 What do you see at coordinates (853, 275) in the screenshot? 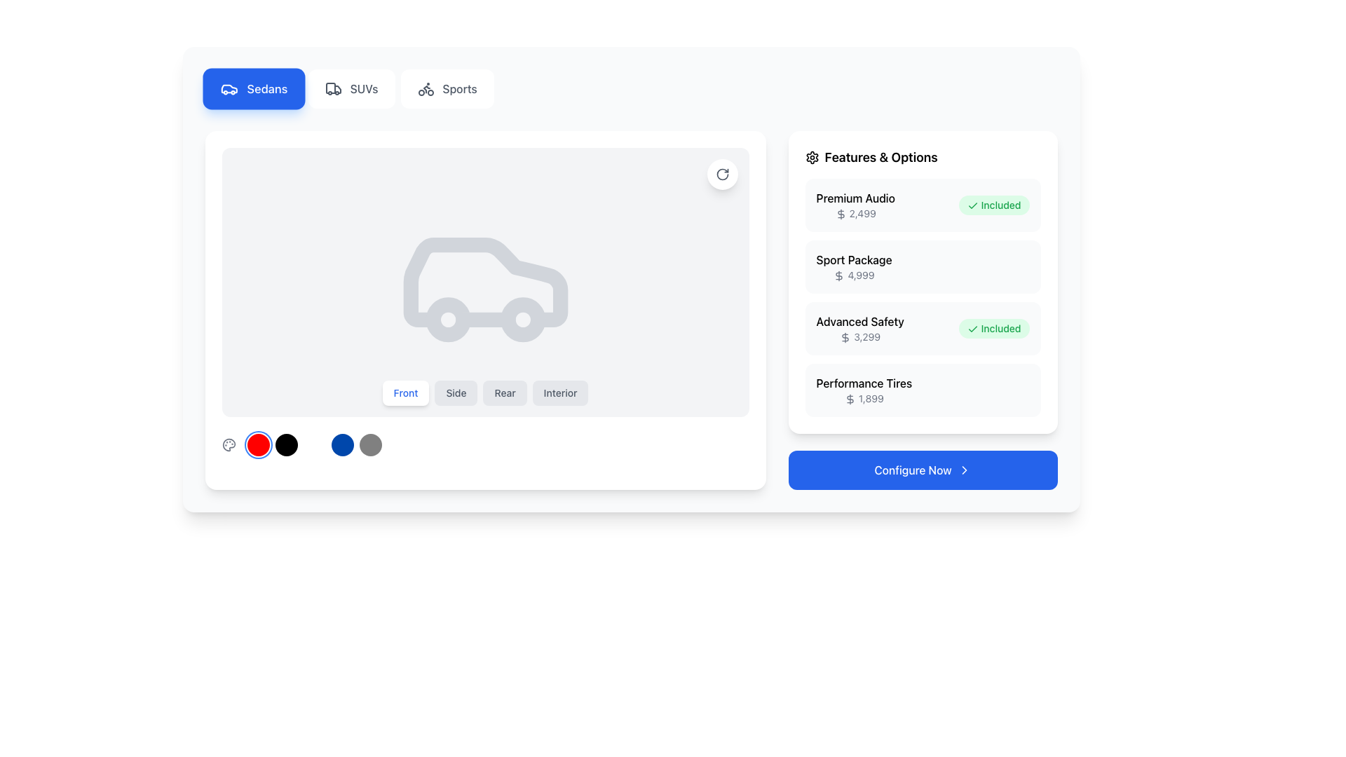
I see `the Text Display with Icon that shows the price of the 'Sport Package', positioned under 'Features & Options' and aligned with 'Sport Package'` at bounding box center [853, 275].